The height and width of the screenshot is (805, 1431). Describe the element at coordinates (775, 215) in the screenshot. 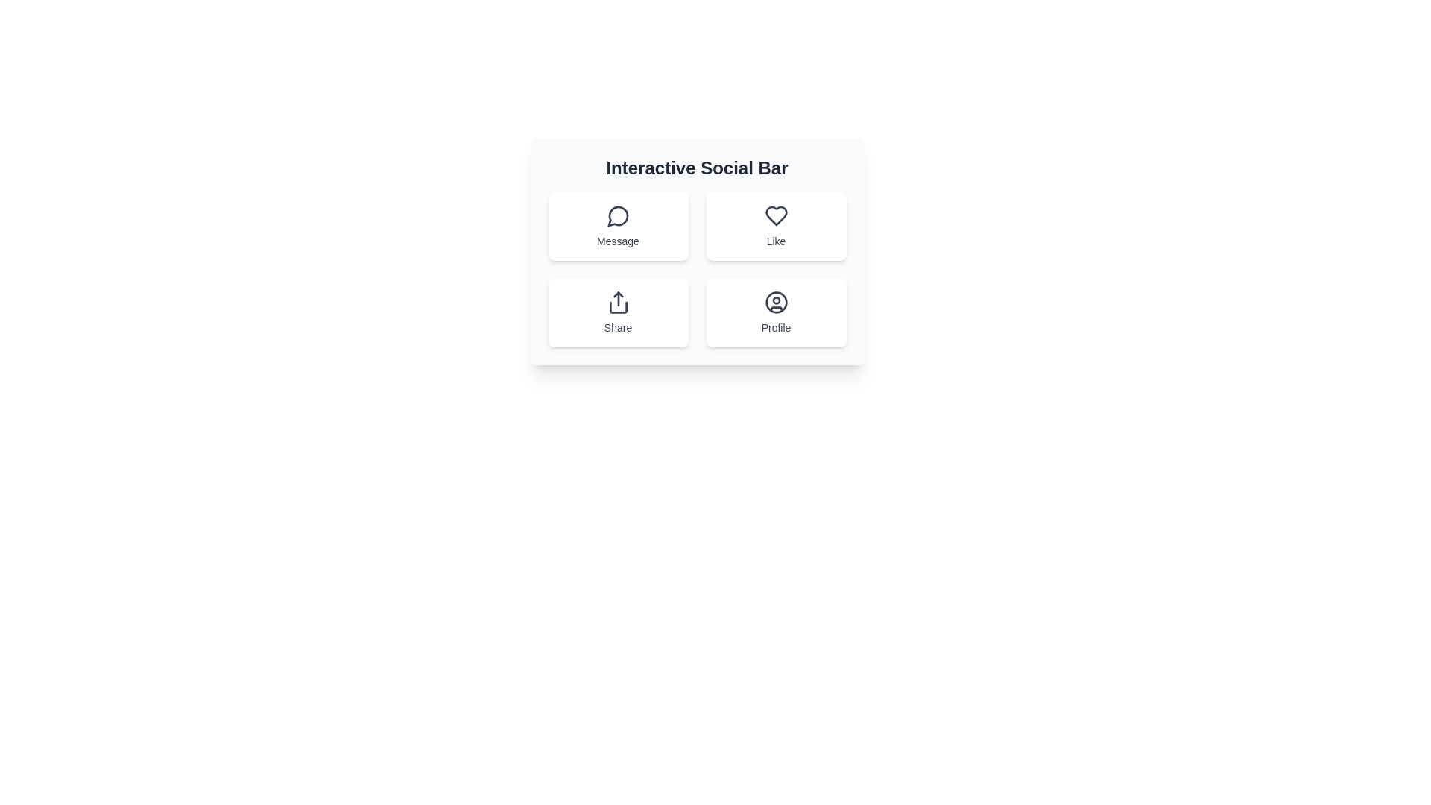

I see `the 'Like' icon located within the button in the top right quadrant, adjacent to the 'Message' button and above the 'Profile' button` at that location.